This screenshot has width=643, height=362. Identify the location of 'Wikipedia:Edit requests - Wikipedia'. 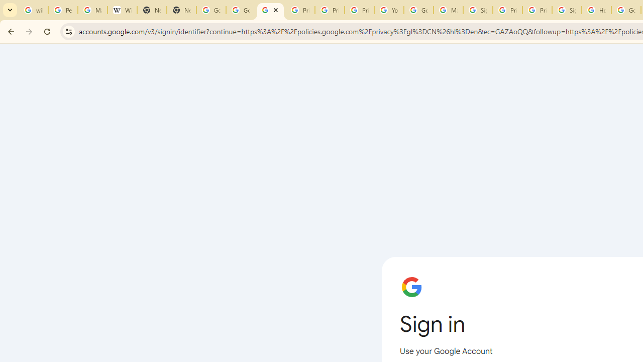
(122, 10).